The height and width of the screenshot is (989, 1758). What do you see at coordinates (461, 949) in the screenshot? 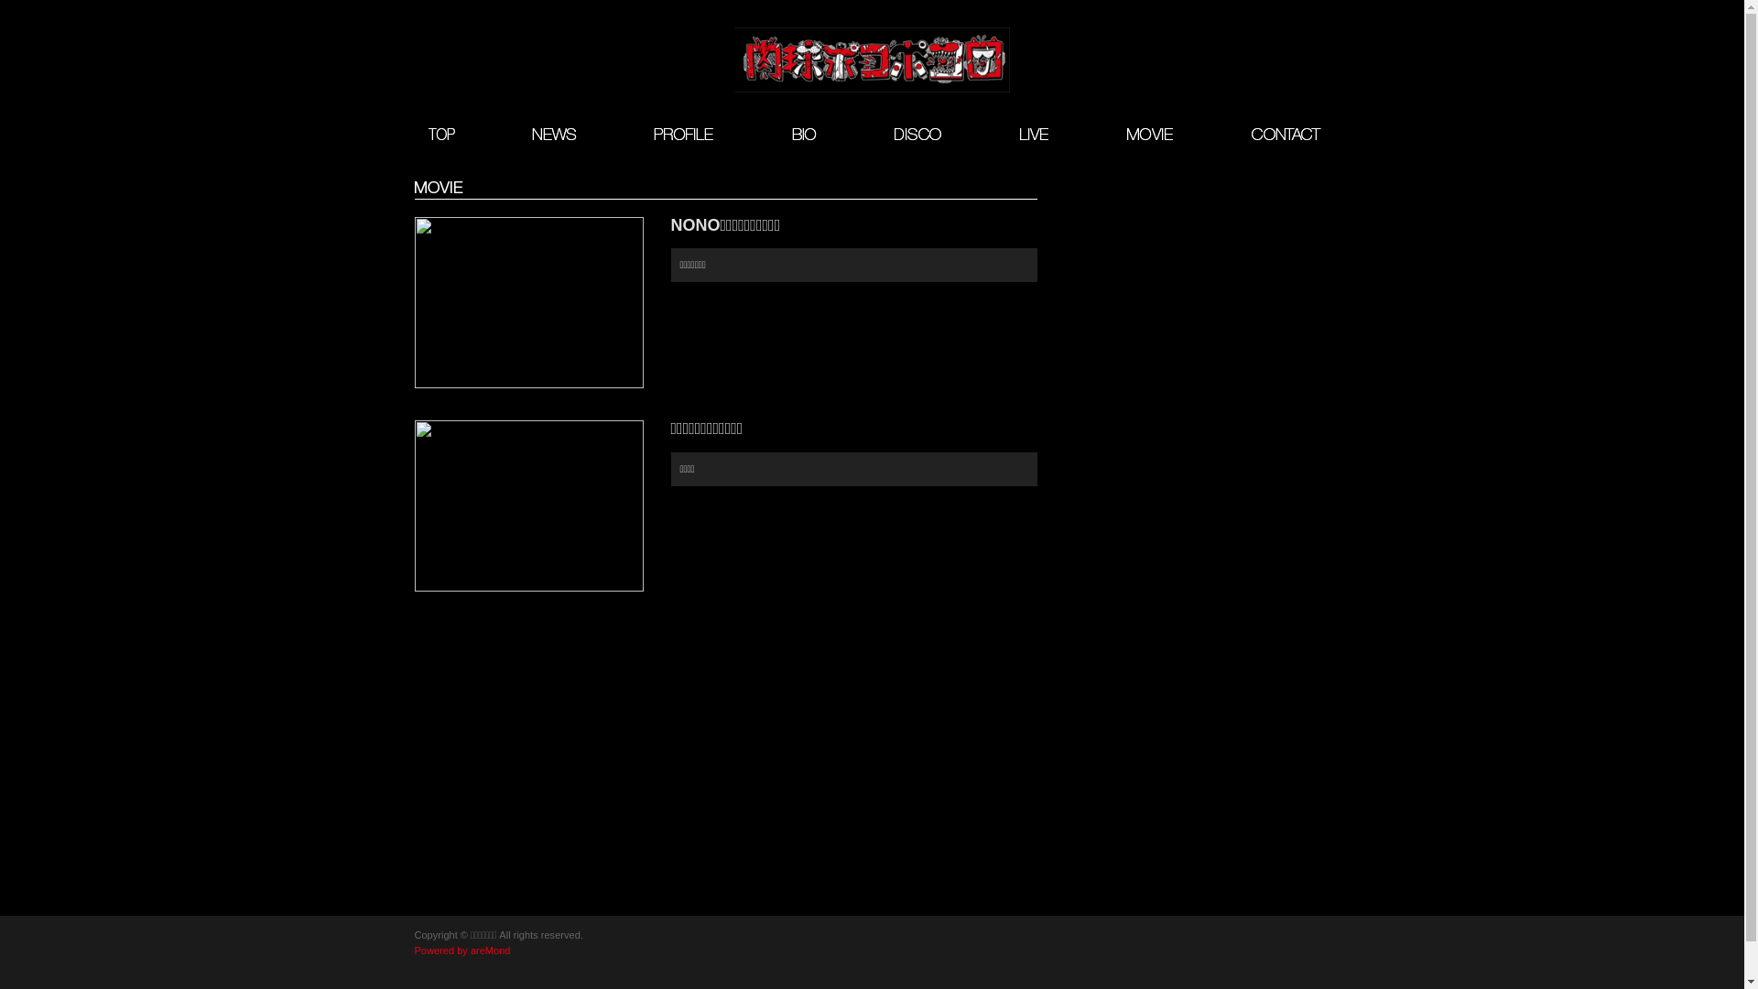
I see `'Powered by areMond'` at bounding box center [461, 949].